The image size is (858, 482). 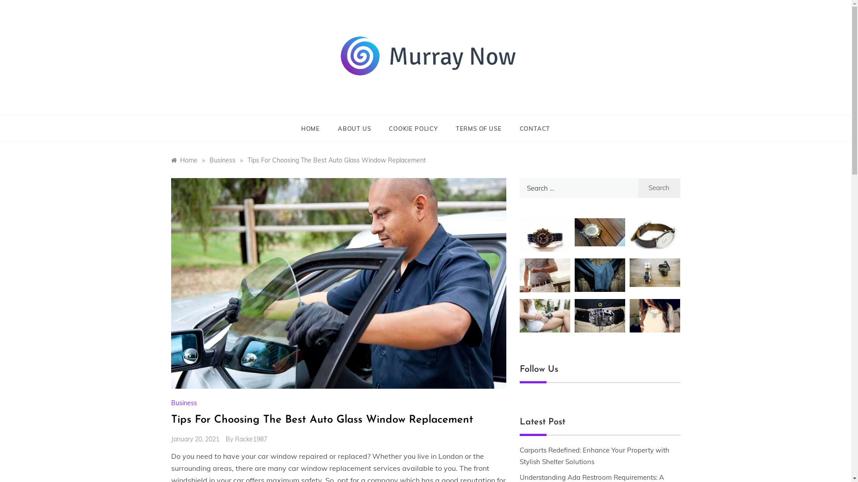 I want to click on 'Tips For Choosing The Best Auto Glass Window Replacement', so click(x=336, y=159).